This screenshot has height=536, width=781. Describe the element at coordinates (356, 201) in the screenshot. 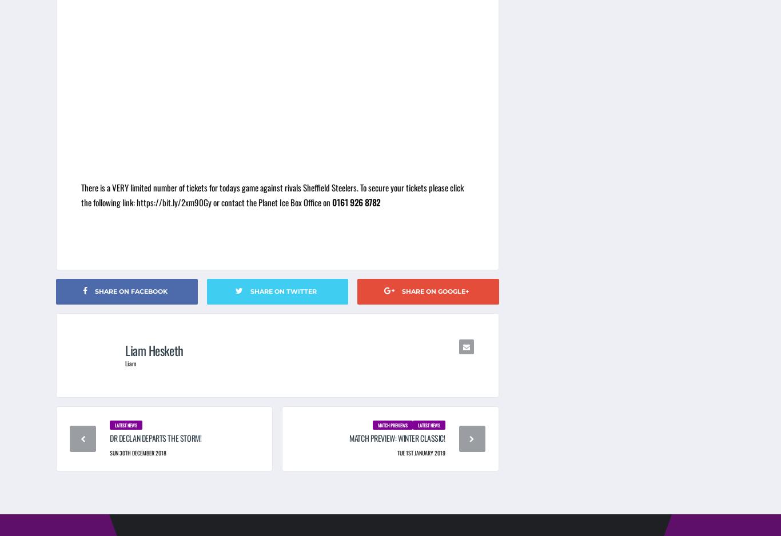

I see `'0161 926 8782'` at that location.